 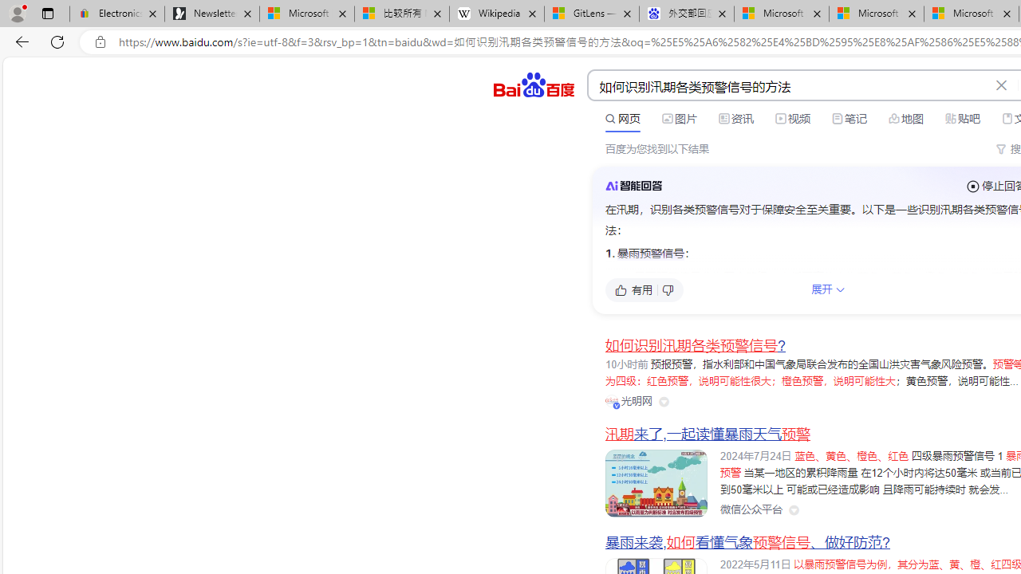 What do you see at coordinates (100, 41) in the screenshot?
I see `'View site information'` at bounding box center [100, 41].